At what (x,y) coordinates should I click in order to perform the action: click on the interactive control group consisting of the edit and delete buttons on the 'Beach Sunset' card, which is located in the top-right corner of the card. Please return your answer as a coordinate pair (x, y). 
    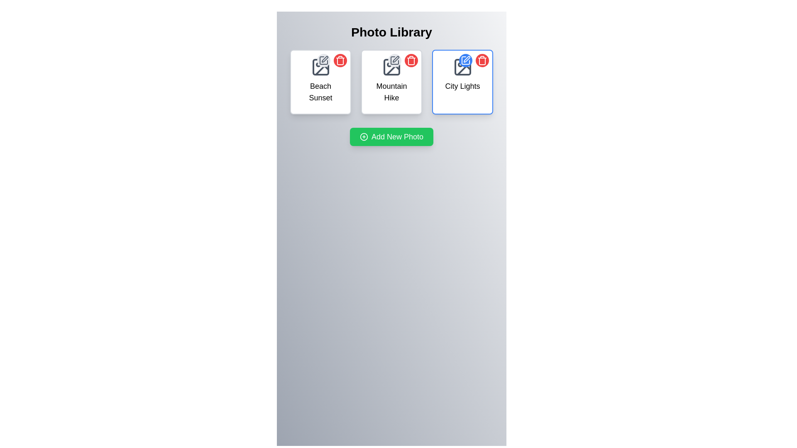
    Looking at the image, I should click on (332, 60).